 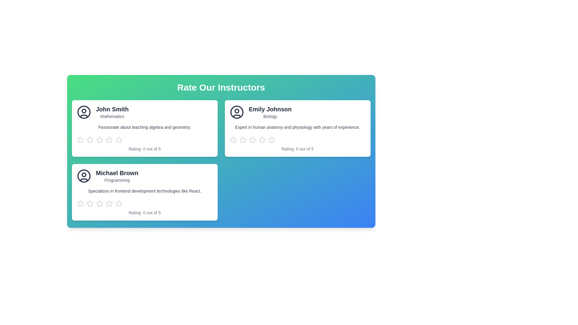 I want to click on the third star icon in the rating section under the 'John Smith' card, so click(x=109, y=140).